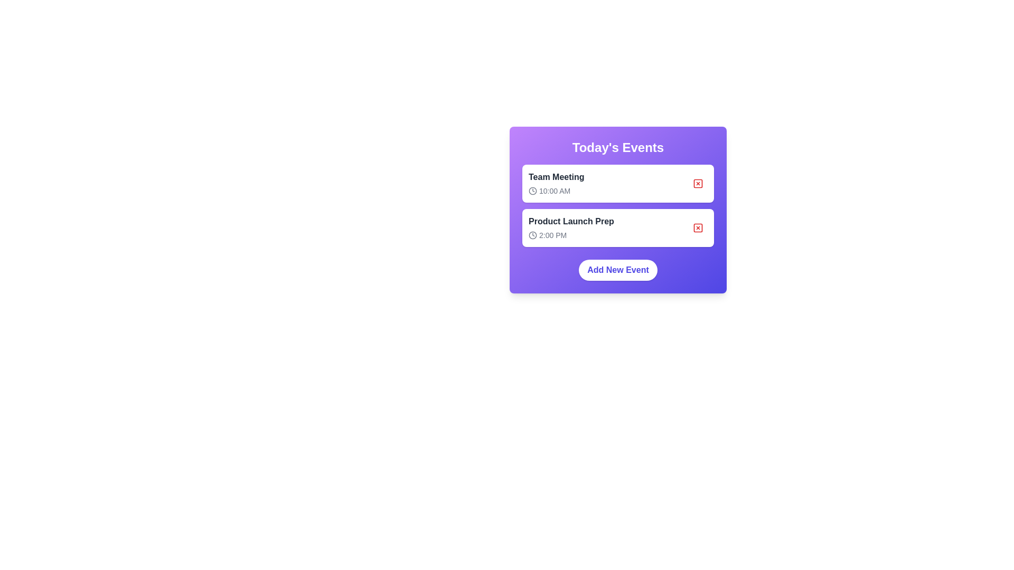 The image size is (1014, 570). Describe the element at coordinates (556, 191) in the screenshot. I see `the time label icon located in the first event card titled 'Team Meeting' under 'Today's Events', which is situated to the left of the card and below the title` at that location.